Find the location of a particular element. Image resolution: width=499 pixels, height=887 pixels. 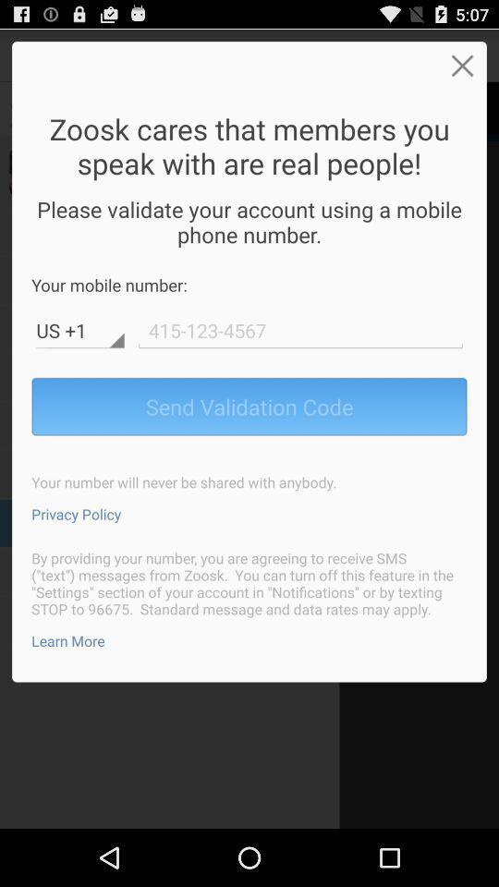

close is located at coordinates (461, 65).